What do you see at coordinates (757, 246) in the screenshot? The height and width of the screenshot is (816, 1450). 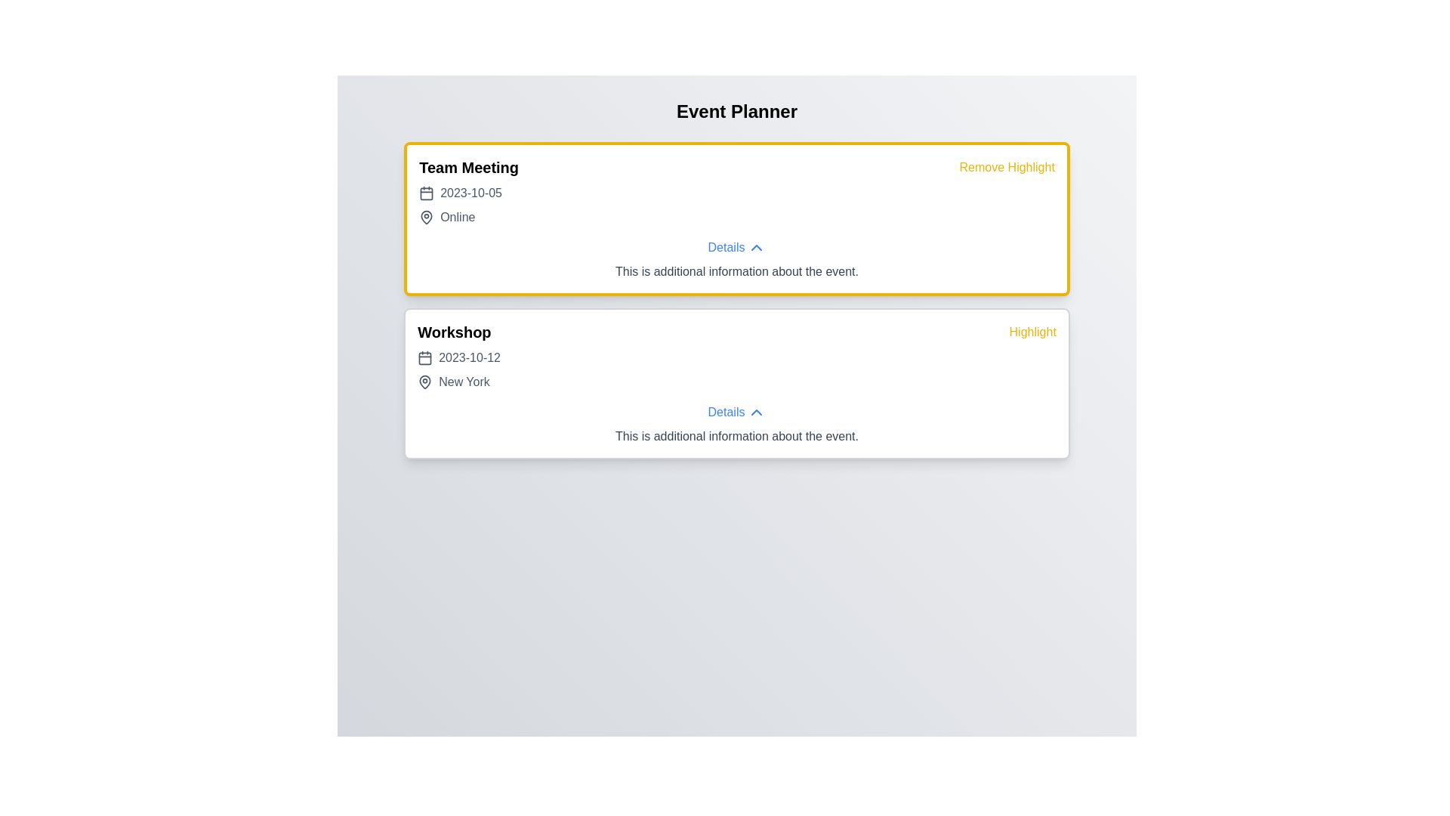 I see `the upward-pointing chevron icon with a blue border located to the right of the 'Details' label` at bounding box center [757, 246].